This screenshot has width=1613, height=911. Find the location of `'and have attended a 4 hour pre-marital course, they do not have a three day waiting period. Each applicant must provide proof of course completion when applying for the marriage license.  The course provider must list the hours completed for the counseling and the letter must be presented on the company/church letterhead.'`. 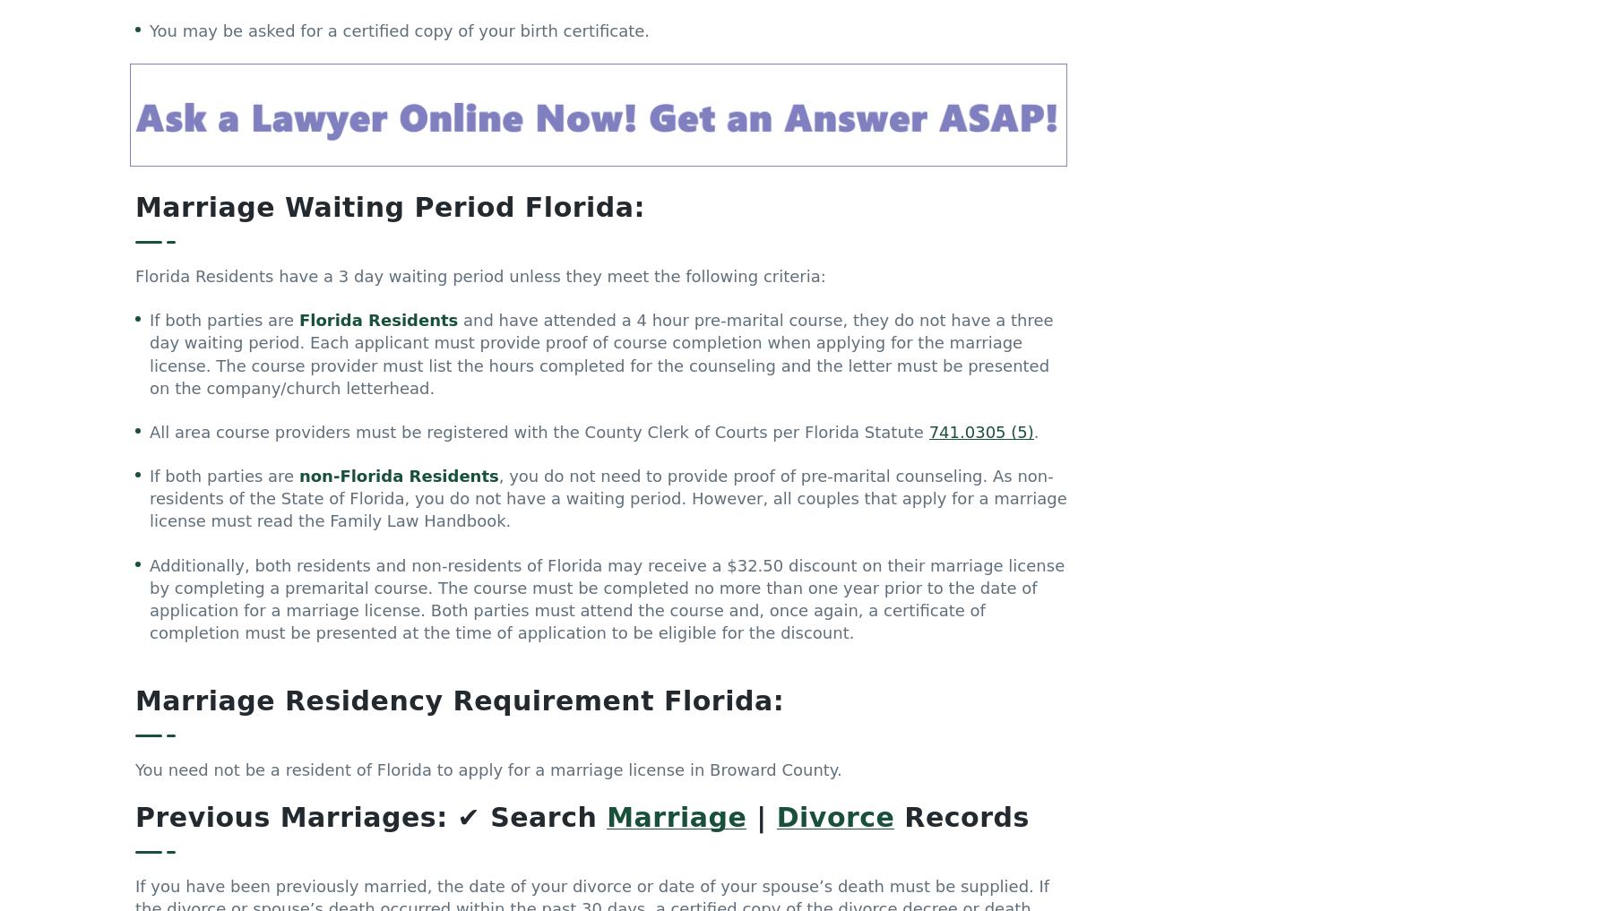

'and have attended a 4 hour pre-marital course, they do not have a three day waiting period. Each applicant must provide proof of course completion when applying for the marriage license.  The course provider must list the hours completed for the counseling and the letter must be presented on the company/church letterhead.' is located at coordinates (601, 358).